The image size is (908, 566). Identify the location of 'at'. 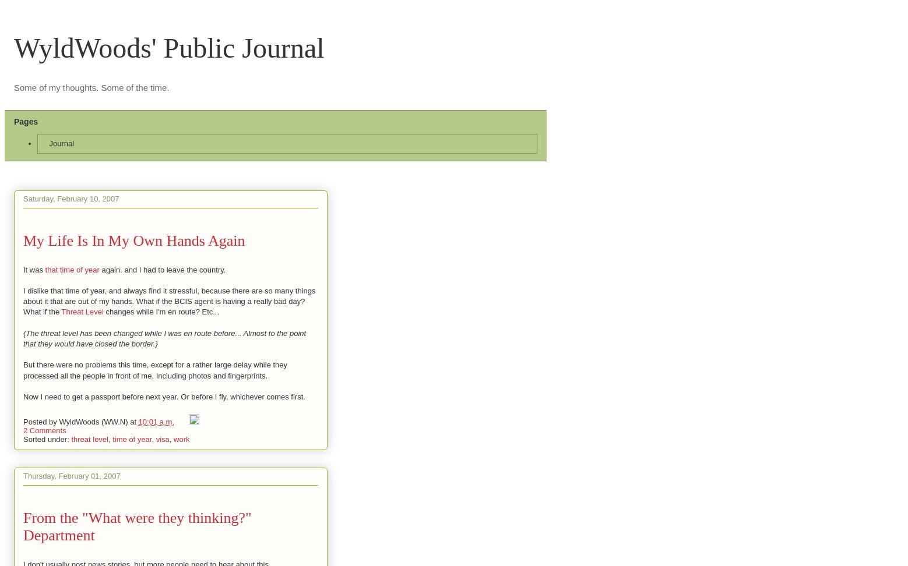
(133, 420).